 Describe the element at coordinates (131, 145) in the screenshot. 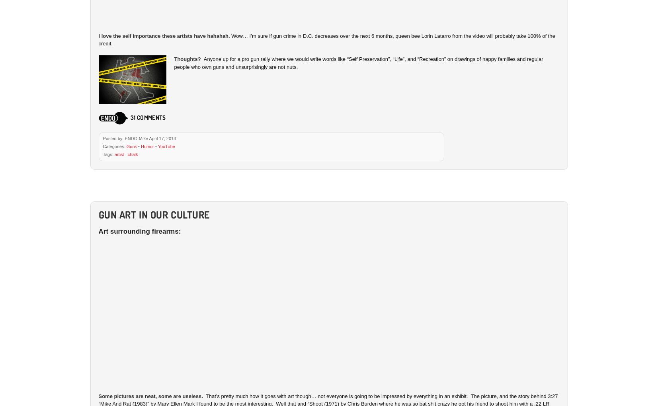

I see `'Guns'` at that location.